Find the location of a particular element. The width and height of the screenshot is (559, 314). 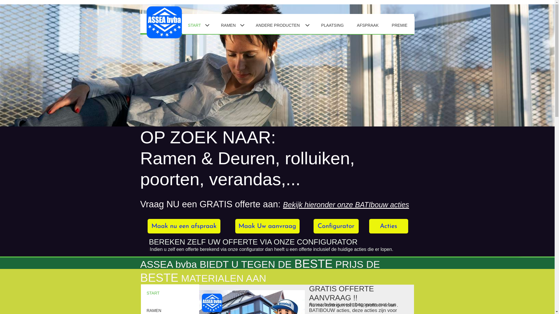

'ANDERE PRODUCTEN' is located at coordinates (250, 24).